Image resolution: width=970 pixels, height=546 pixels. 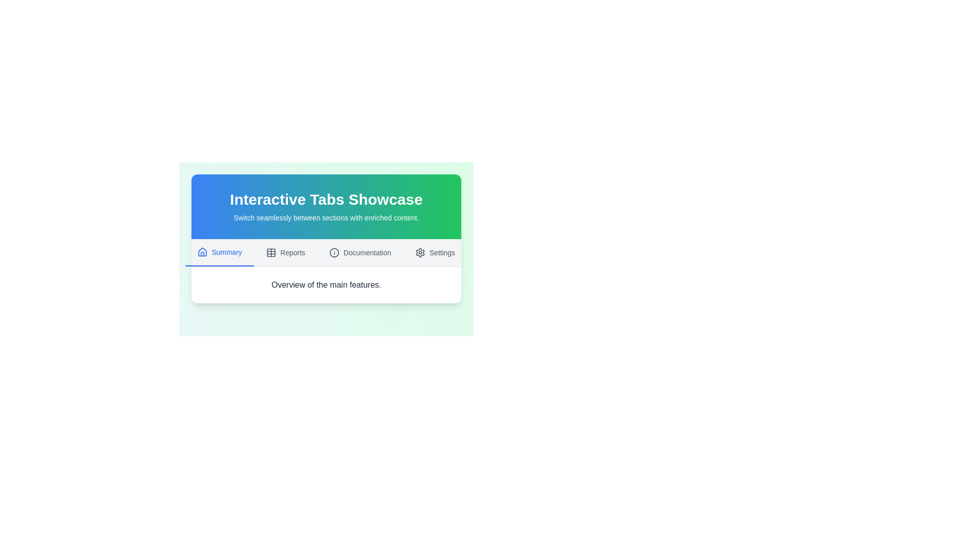 What do you see at coordinates (326, 217) in the screenshot?
I see `the text block that serves as a descriptive subtitle or tagline, positioned directly below the title 'Interactive Tabs Showcase'` at bounding box center [326, 217].